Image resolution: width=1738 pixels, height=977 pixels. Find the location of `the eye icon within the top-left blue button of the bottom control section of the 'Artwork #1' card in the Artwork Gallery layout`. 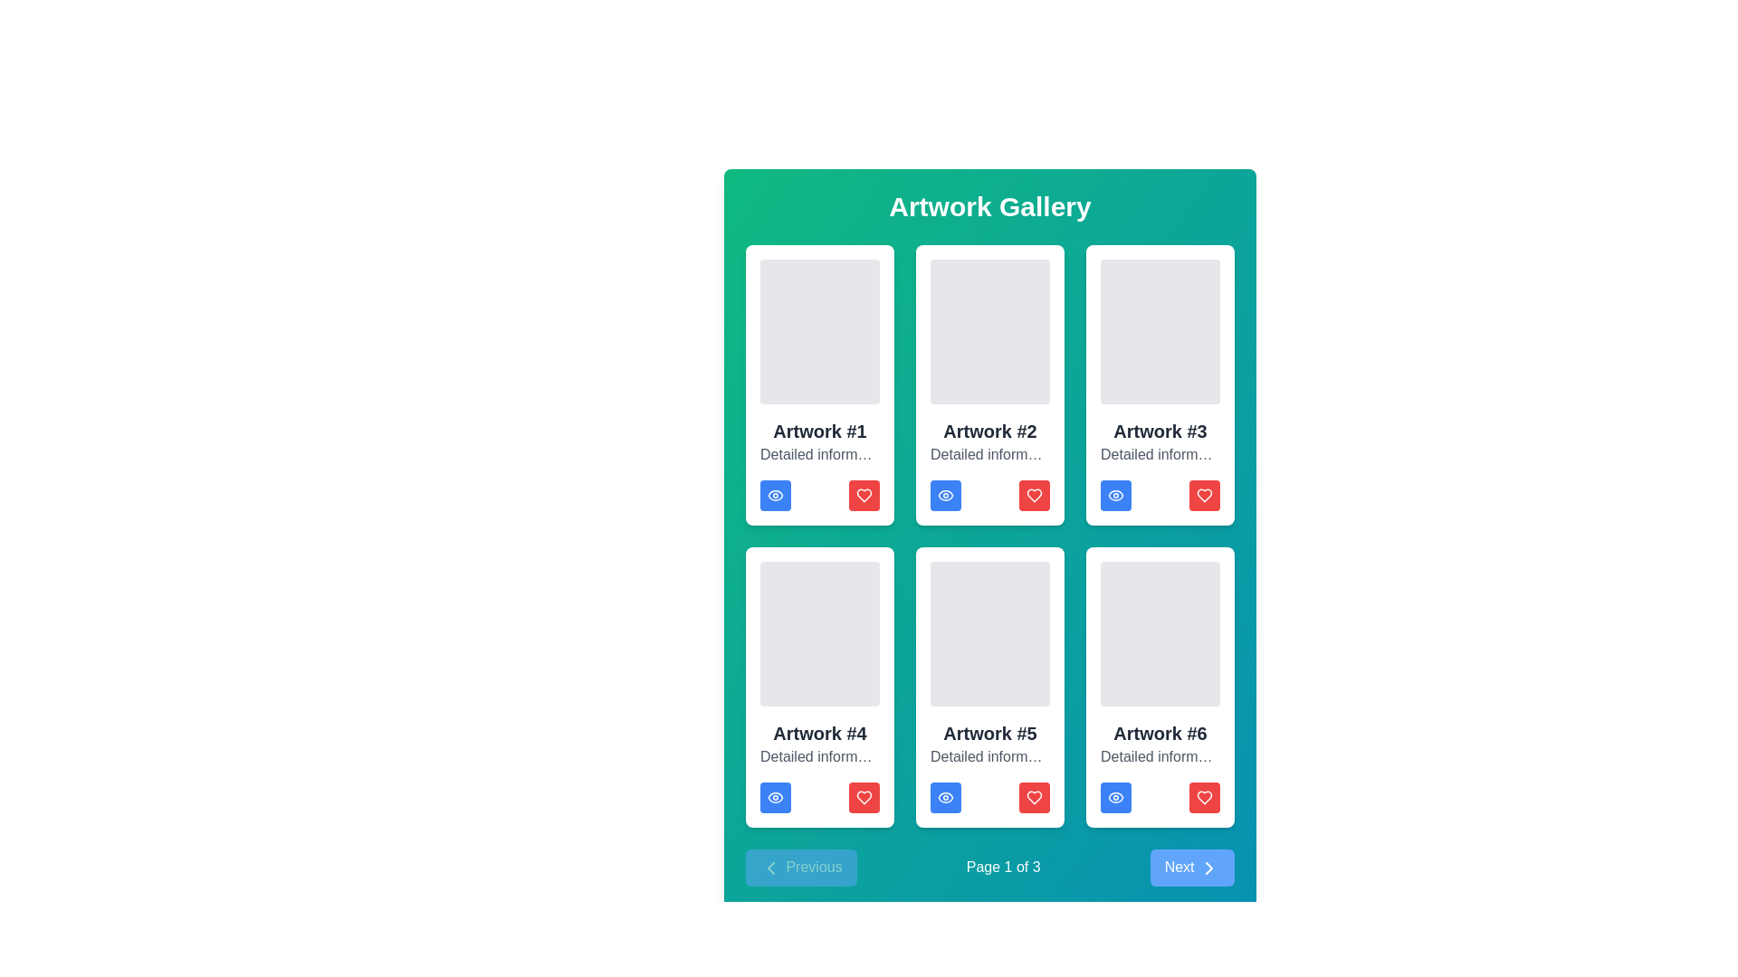

the eye icon within the top-left blue button of the bottom control section of the 'Artwork #1' card in the Artwork Gallery layout is located at coordinates (776, 495).